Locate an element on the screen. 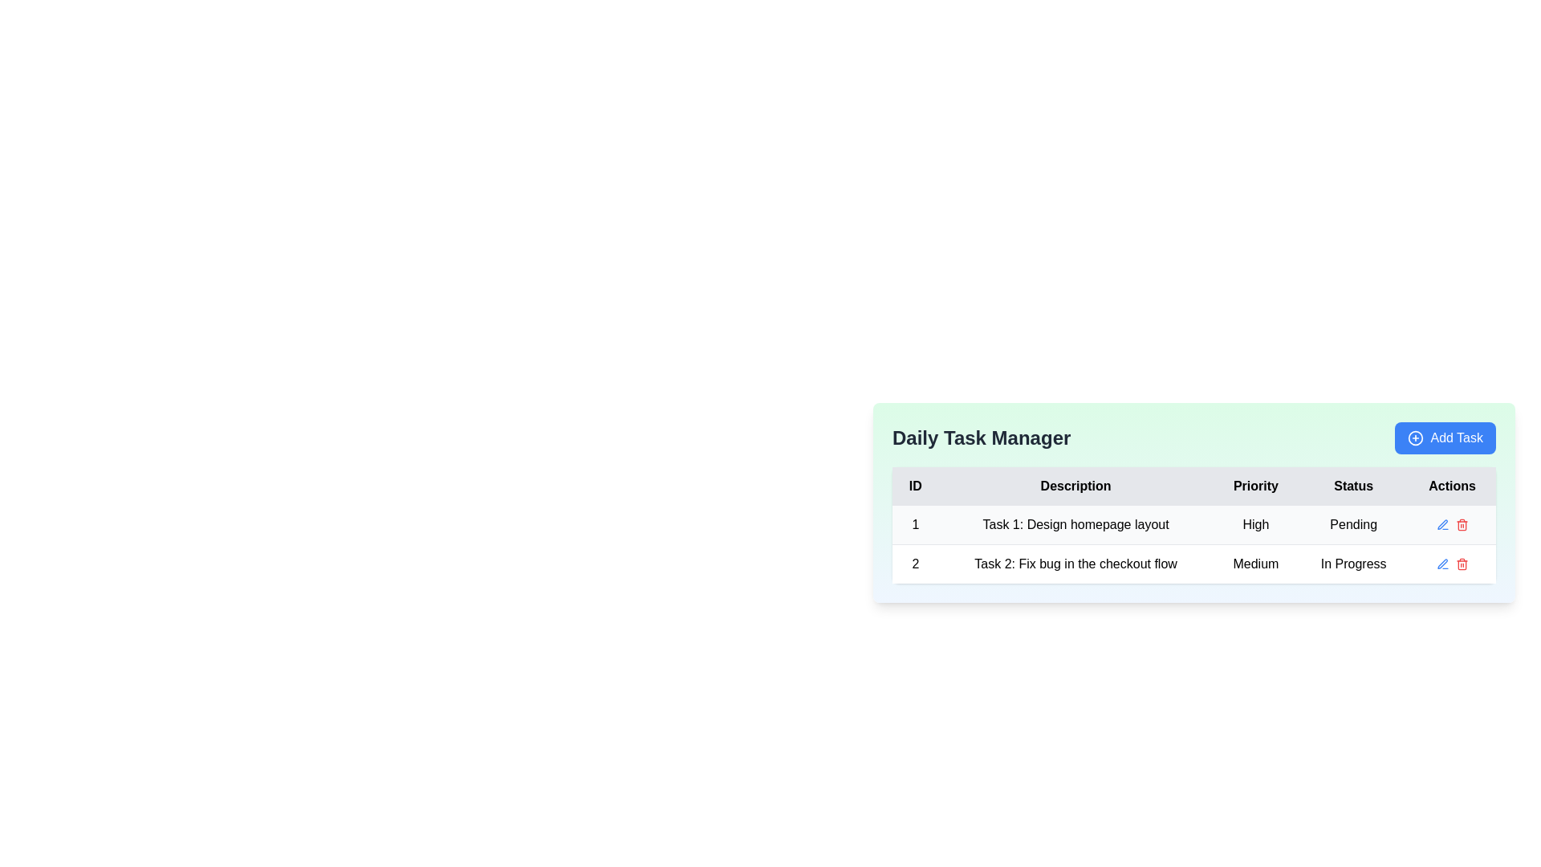 This screenshot has width=1541, height=867. text of the label indicating the current task status, which is 'In Progress', located in the second row of the data table under the 'Status' column is located at coordinates (1352, 563).